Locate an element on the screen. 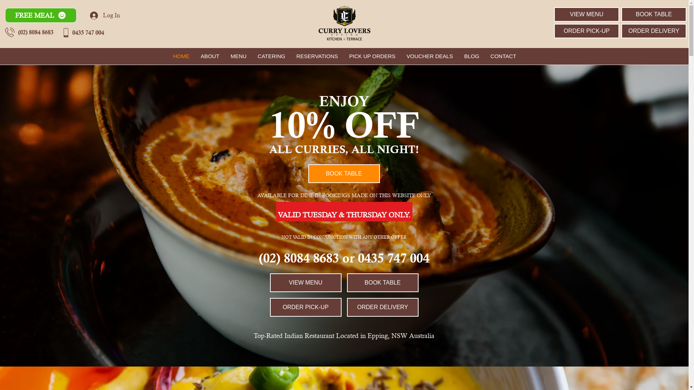  'CONTACT' is located at coordinates (503, 56).